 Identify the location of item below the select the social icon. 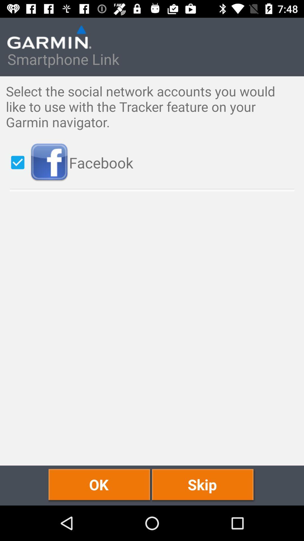
(17, 162).